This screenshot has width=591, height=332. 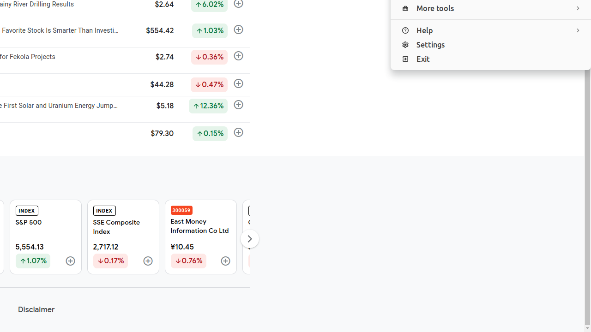 I want to click on 'Exit', so click(x=490, y=59).